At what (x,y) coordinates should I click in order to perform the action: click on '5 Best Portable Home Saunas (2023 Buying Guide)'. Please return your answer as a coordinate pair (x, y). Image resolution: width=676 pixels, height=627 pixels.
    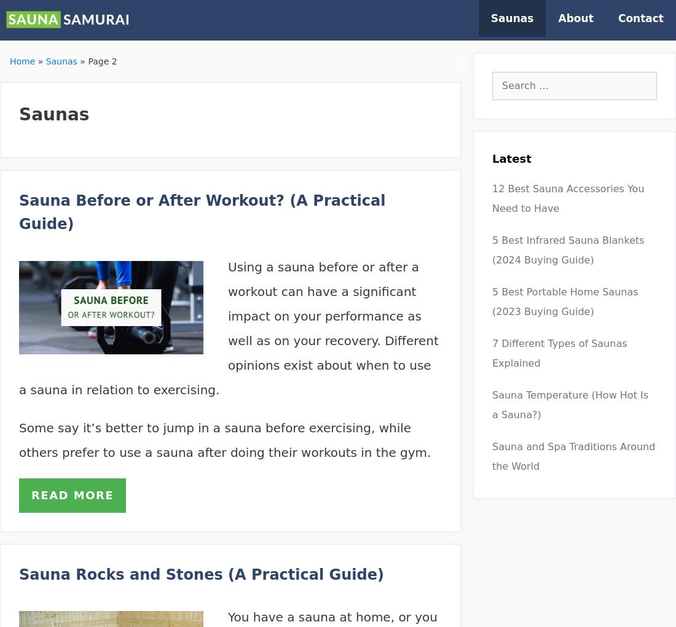
    Looking at the image, I should click on (565, 301).